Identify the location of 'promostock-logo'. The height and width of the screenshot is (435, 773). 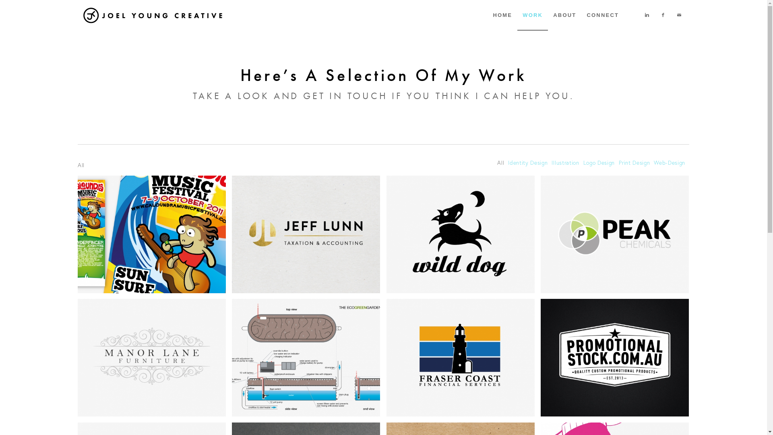
(541, 360).